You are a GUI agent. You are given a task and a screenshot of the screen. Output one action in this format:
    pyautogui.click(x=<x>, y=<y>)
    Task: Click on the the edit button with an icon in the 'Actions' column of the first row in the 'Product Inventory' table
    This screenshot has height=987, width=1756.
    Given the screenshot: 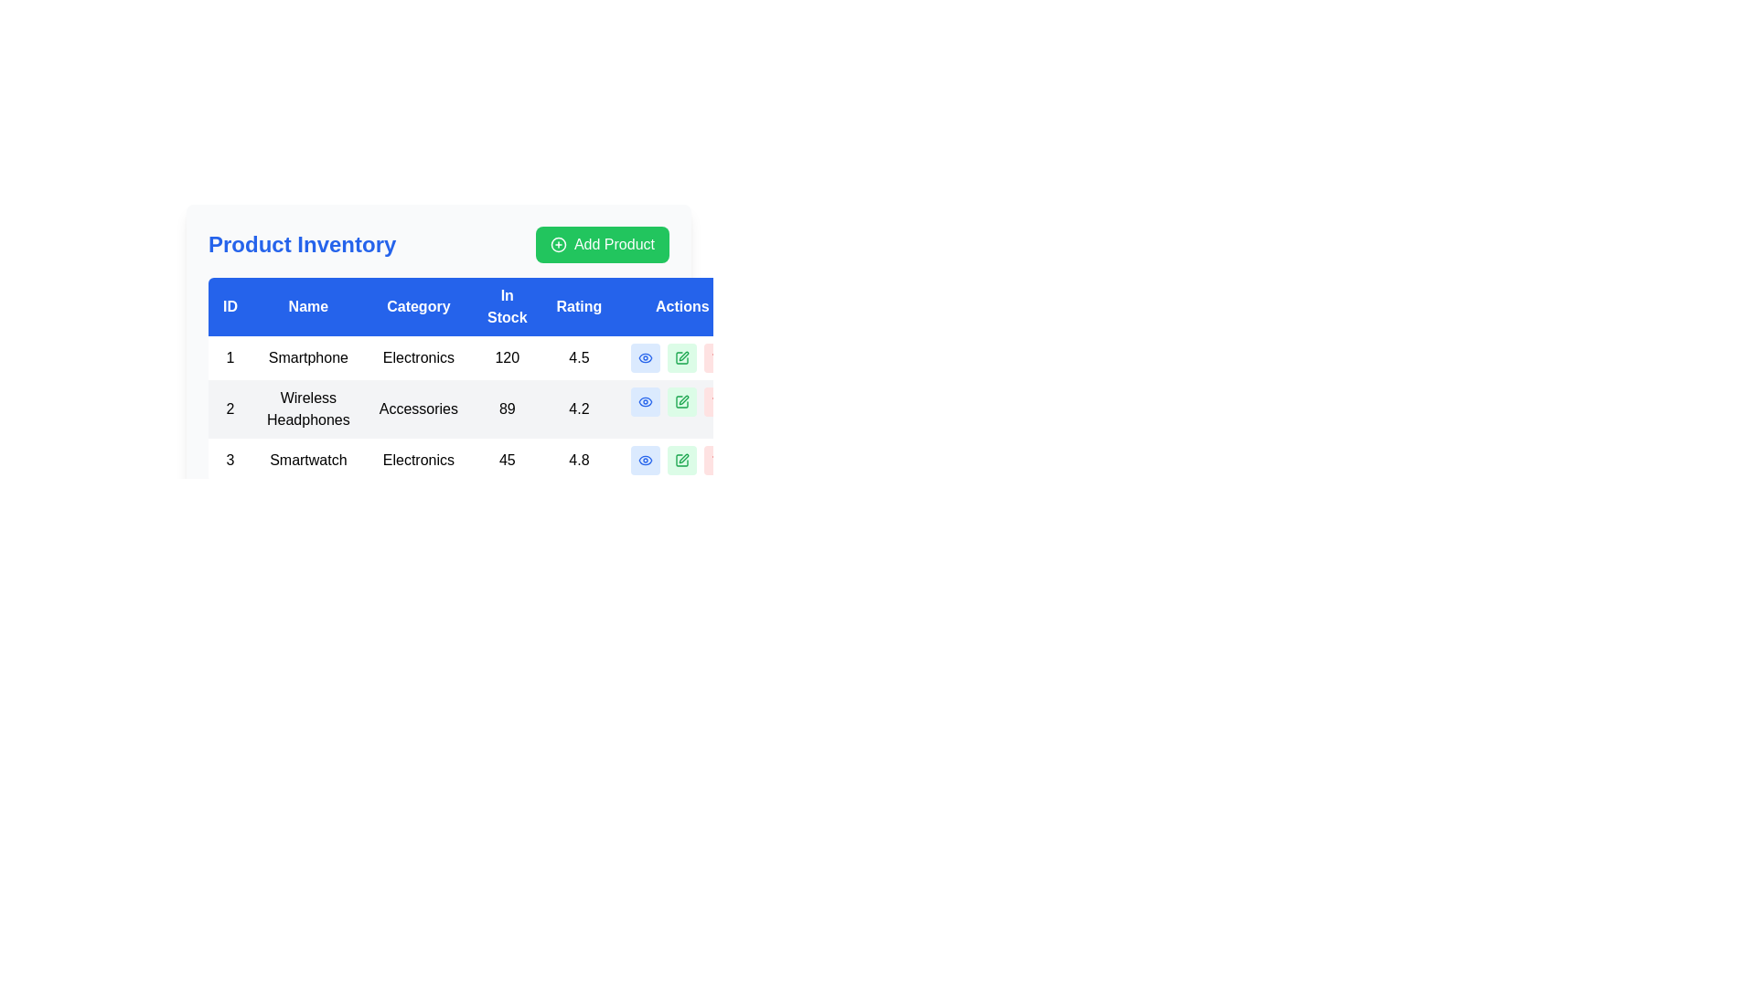 What is the action you would take?
    pyautogui.click(x=681, y=358)
    